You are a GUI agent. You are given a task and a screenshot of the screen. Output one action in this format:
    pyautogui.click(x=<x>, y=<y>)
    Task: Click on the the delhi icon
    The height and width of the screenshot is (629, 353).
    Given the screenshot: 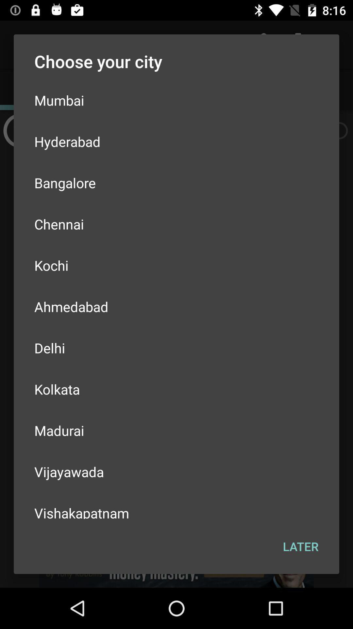 What is the action you would take?
    pyautogui.click(x=176, y=347)
    